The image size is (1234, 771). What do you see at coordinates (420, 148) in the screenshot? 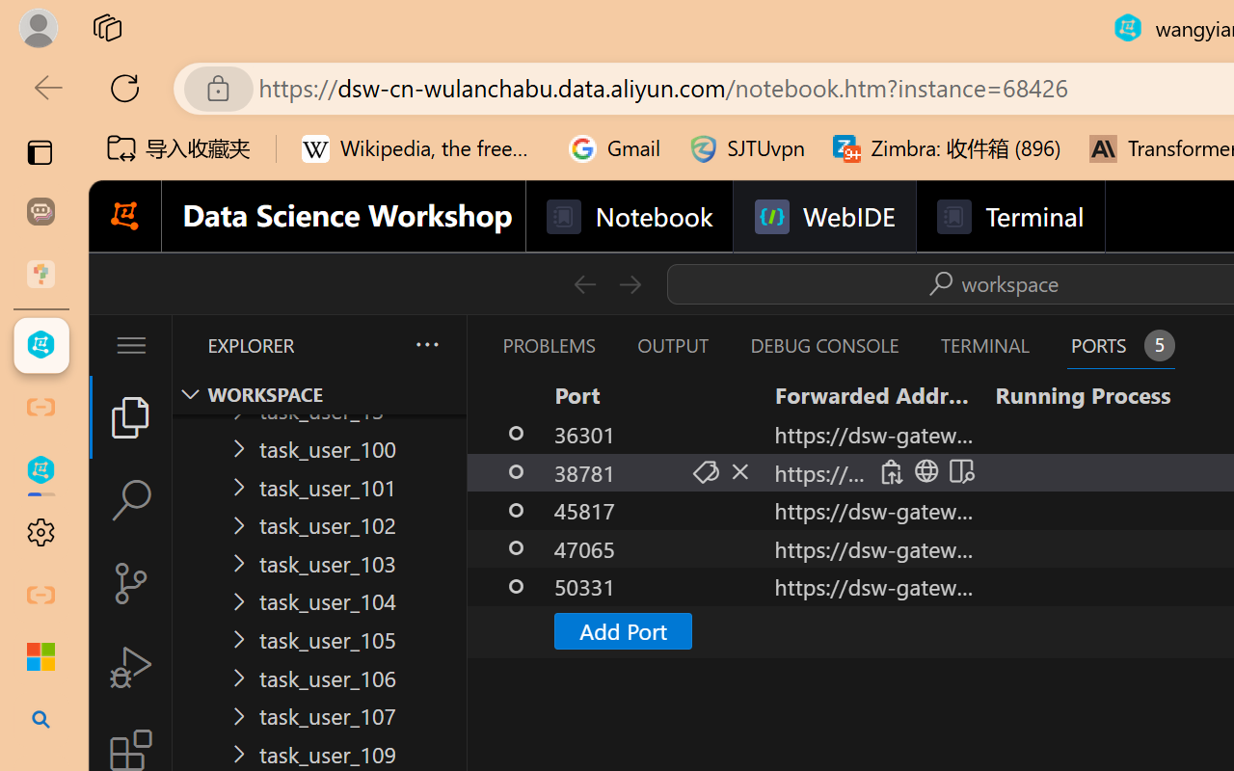
I see `'Wikipedia, the free encyclopedia'` at bounding box center [420, 148].